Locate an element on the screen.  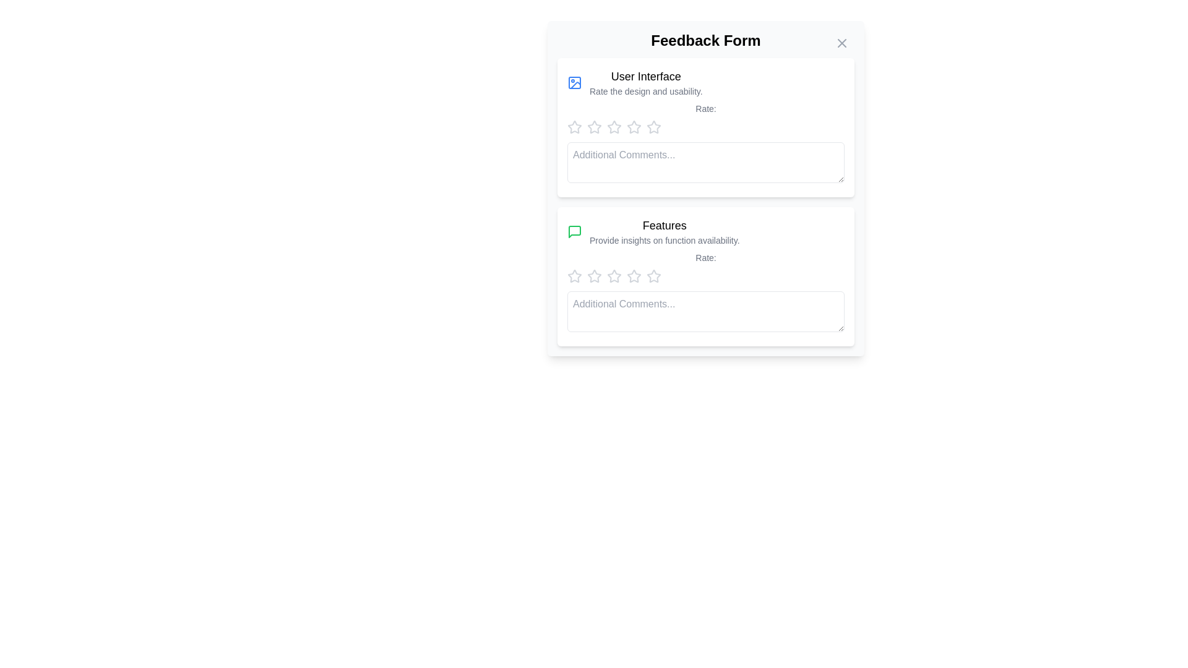
the icon representing commentary or features located in the 'Features' section of the feedback form, positioned to the left of the 'Features' header is located at coordinates (574, 231).